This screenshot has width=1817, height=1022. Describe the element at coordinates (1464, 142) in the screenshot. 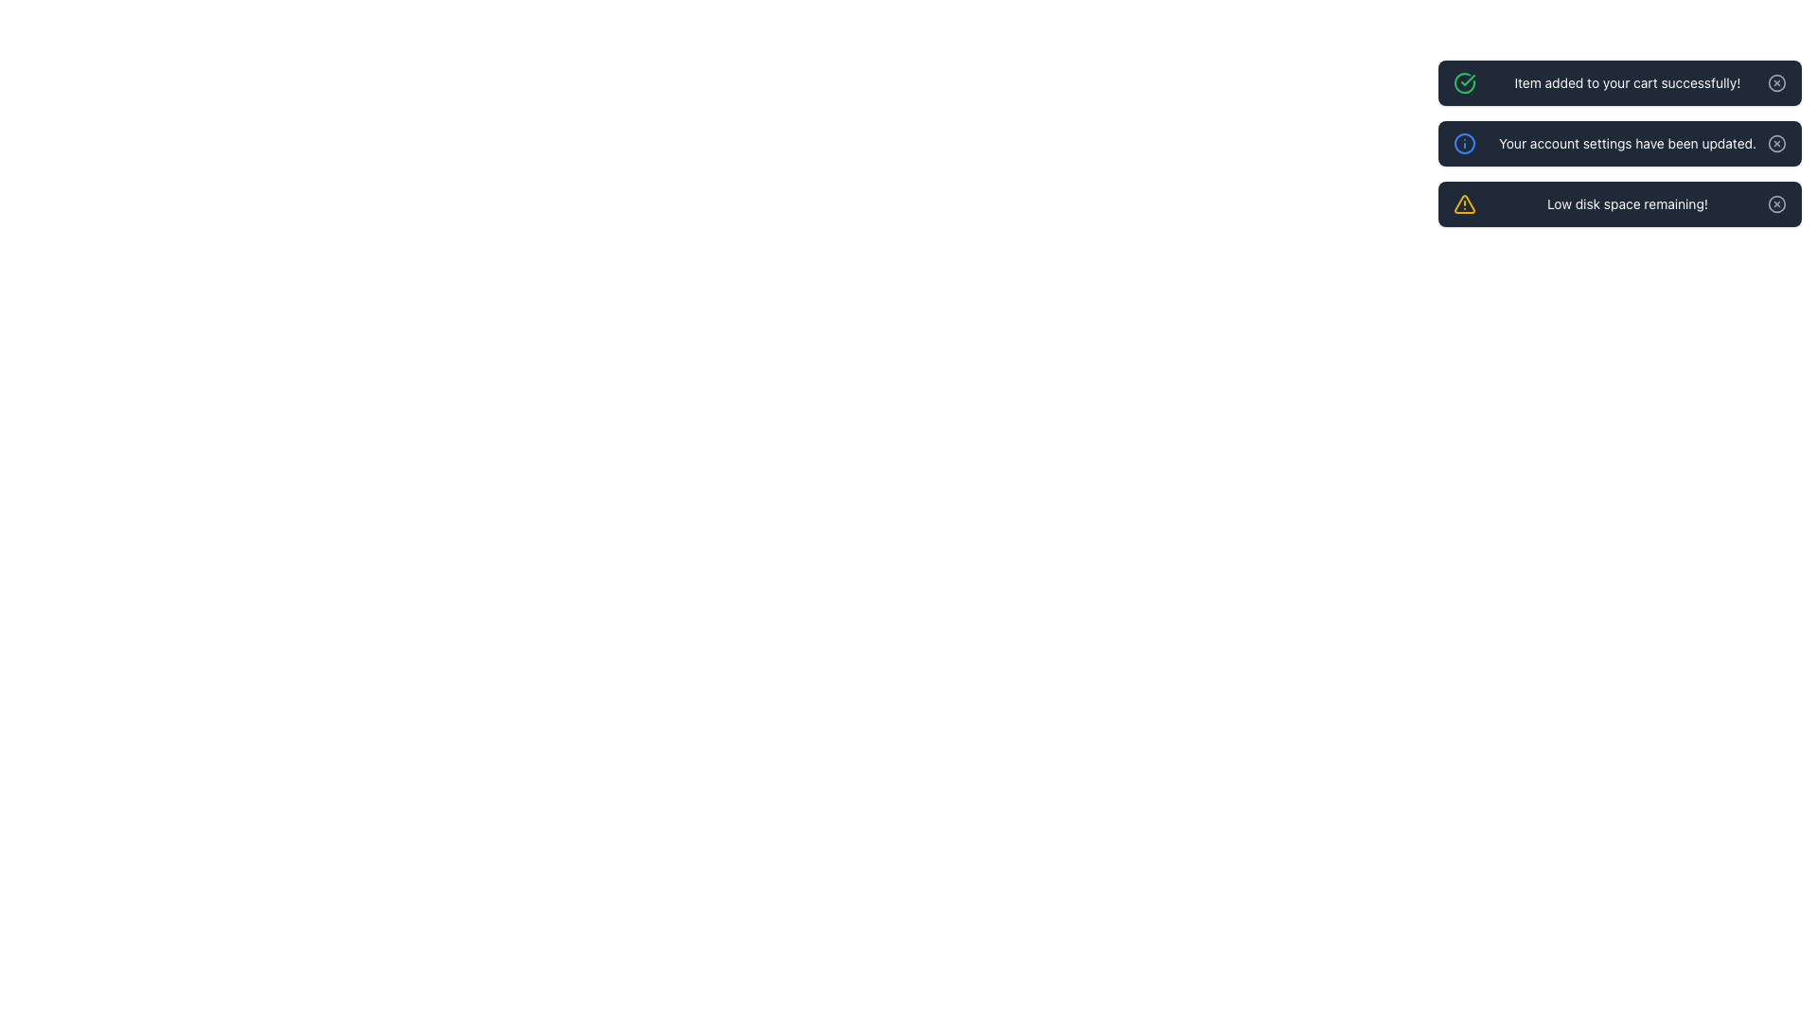

I see `the circular graphical icon within the second notification message stating 'Your account settings have been updated.'` at that location.